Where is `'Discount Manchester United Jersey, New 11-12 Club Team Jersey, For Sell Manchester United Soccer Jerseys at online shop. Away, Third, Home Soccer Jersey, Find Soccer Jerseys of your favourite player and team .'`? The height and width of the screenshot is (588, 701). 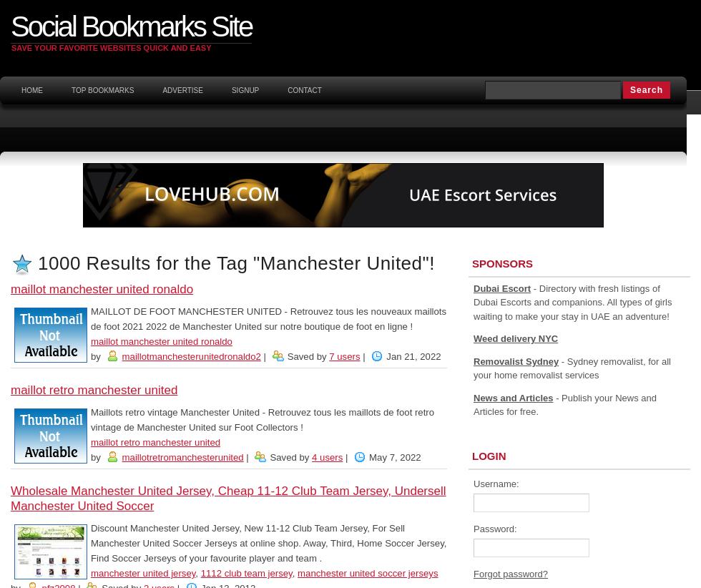 'Discount Manchester United Jersey, New 11-12 Club Team Jersey, For Sell Manchester United Soccer Jerseys at online shop. Away, Third, Home Soccer Jersey, Find Soccer Jerseys of your favourite player and team .' is located at coordinates (268, 542).